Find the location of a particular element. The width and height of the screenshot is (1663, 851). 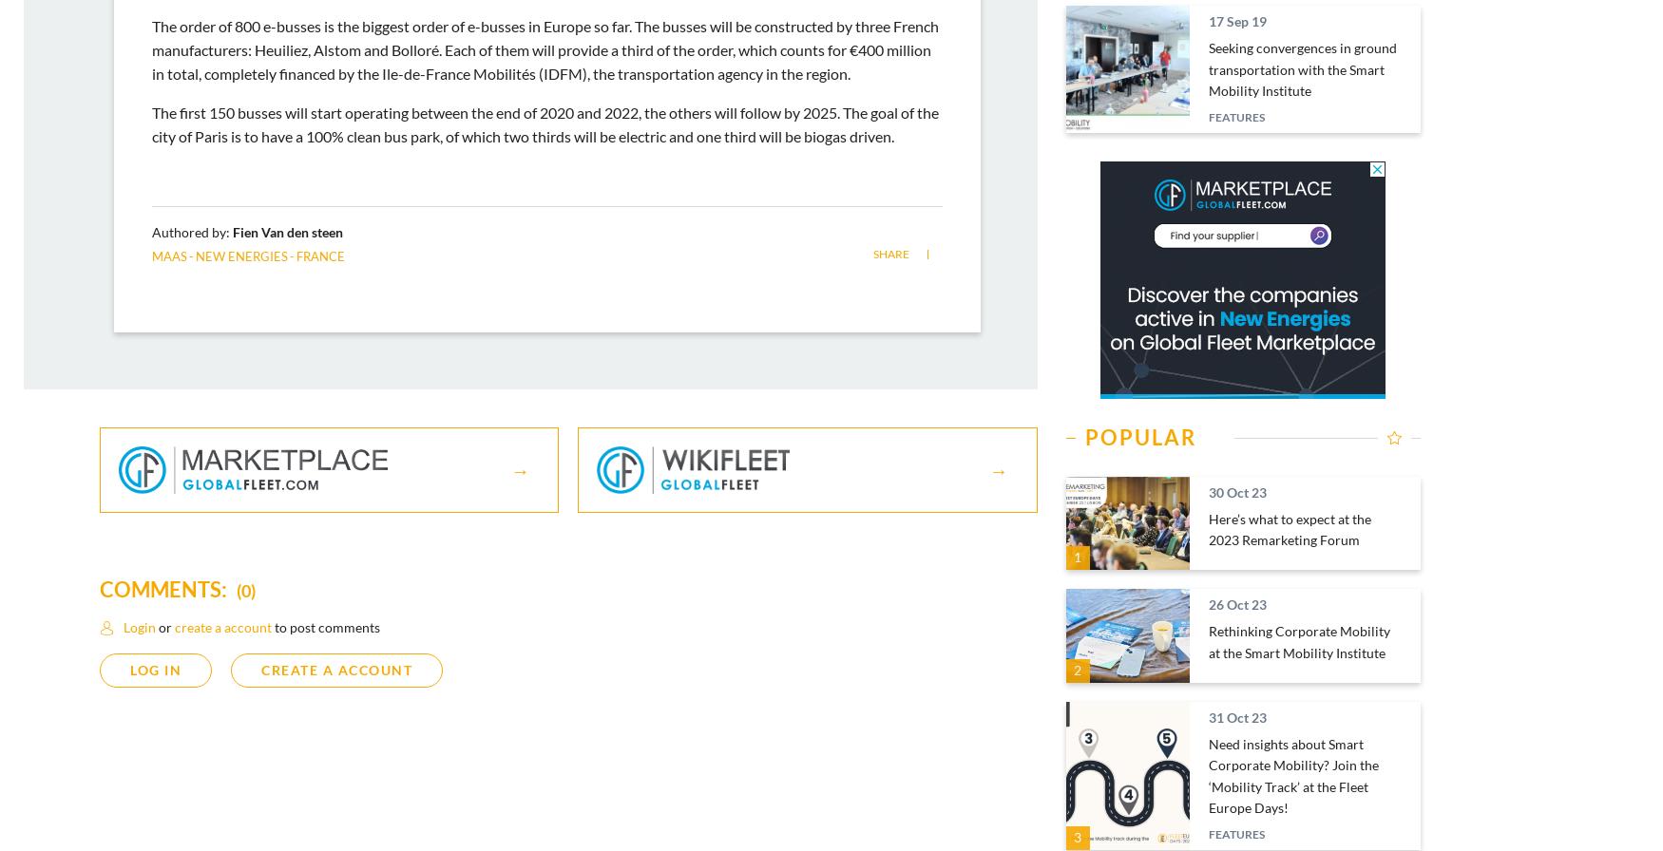

'create a account' is located at coordinates (223, 627).